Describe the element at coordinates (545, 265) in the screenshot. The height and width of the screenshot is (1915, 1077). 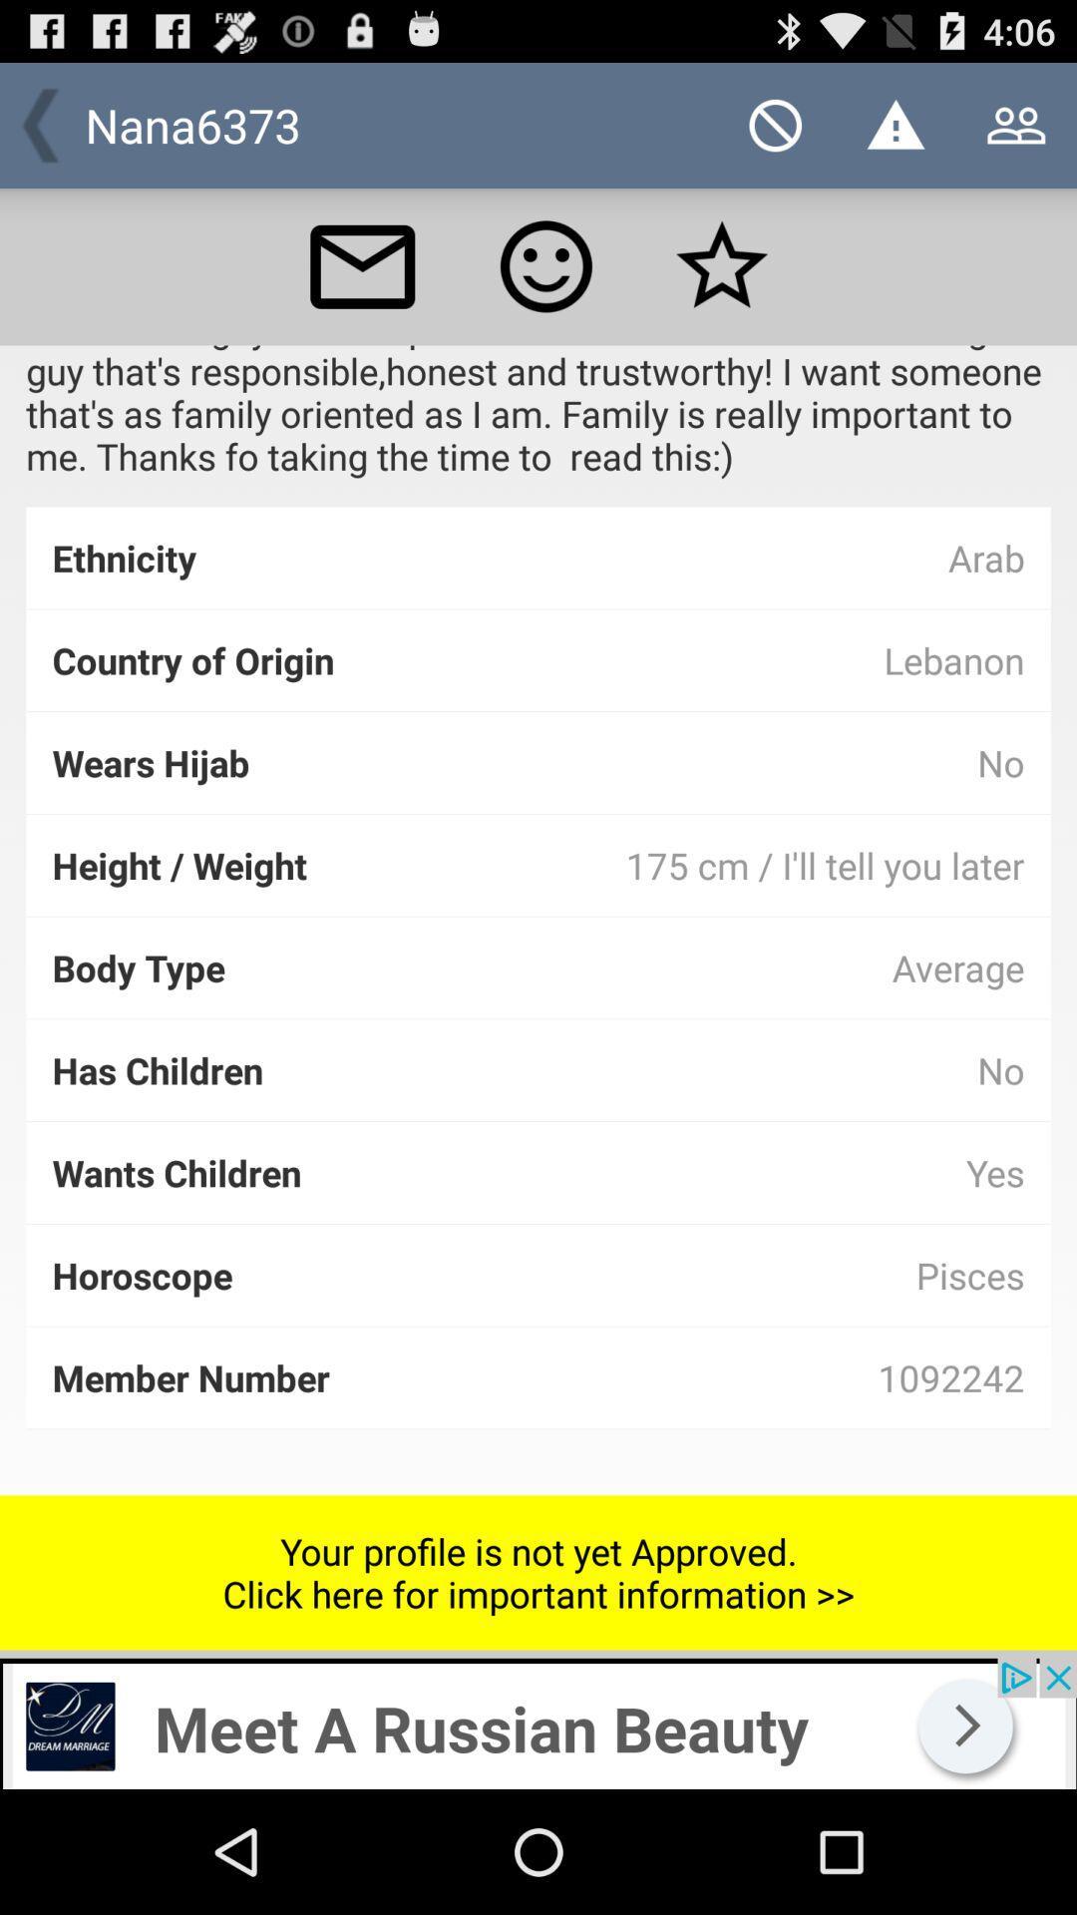
I see `emotes` at that location.